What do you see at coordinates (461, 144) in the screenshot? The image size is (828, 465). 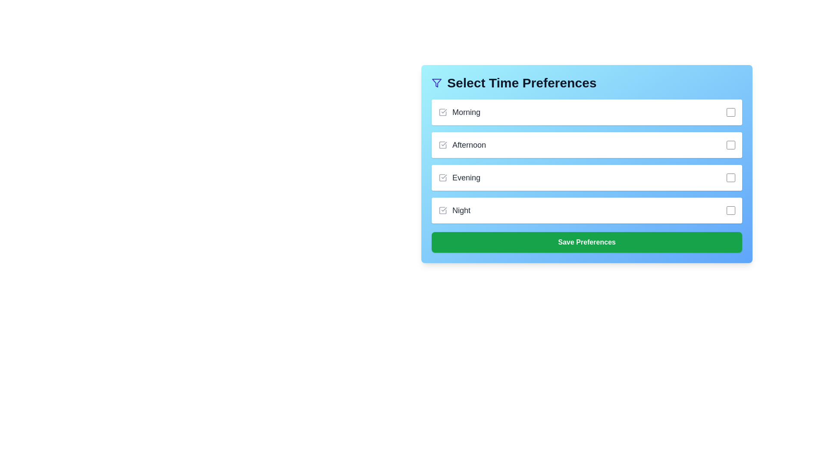 I see `the label displaying 'Afternoon' which is located in the second row of time preferences beneath 'Morning'` at bounding box center [461, 144].